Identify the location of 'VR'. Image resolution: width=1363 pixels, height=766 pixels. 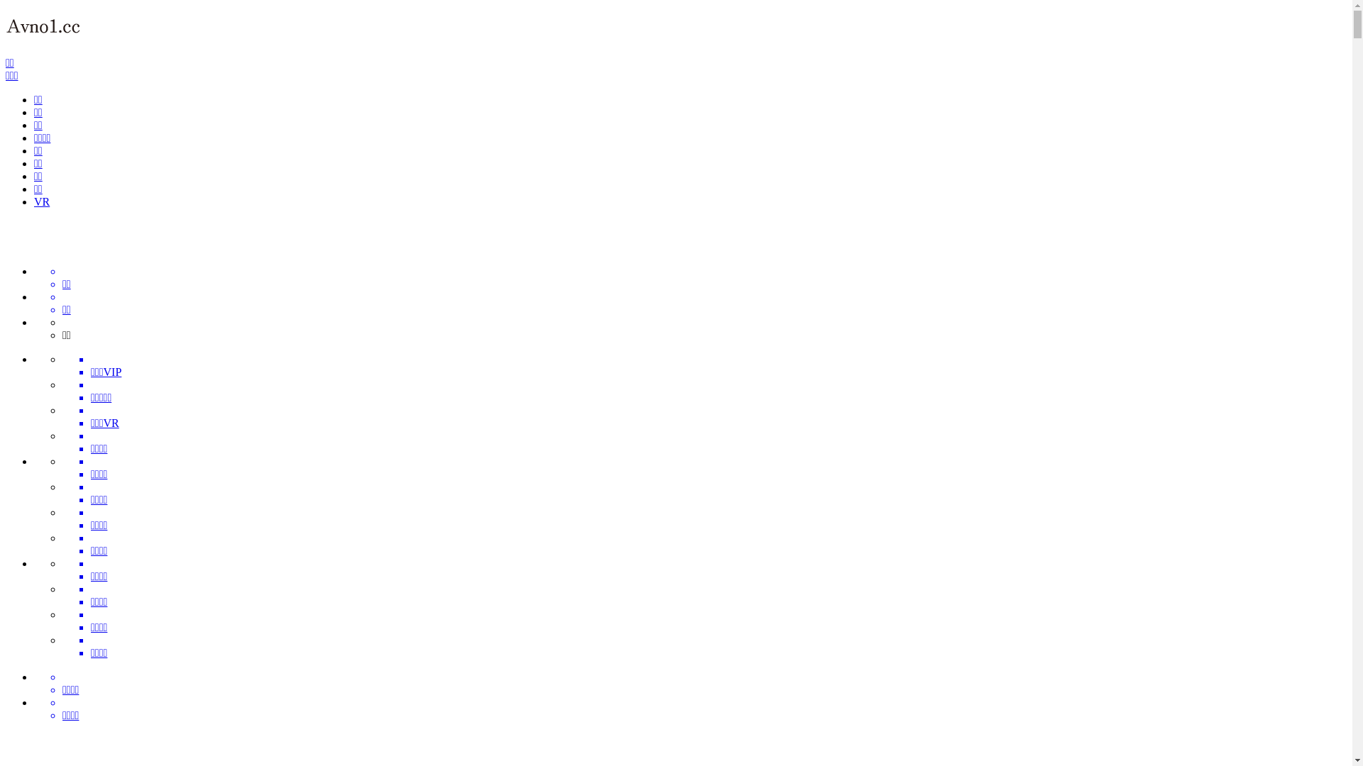
(41, 201).